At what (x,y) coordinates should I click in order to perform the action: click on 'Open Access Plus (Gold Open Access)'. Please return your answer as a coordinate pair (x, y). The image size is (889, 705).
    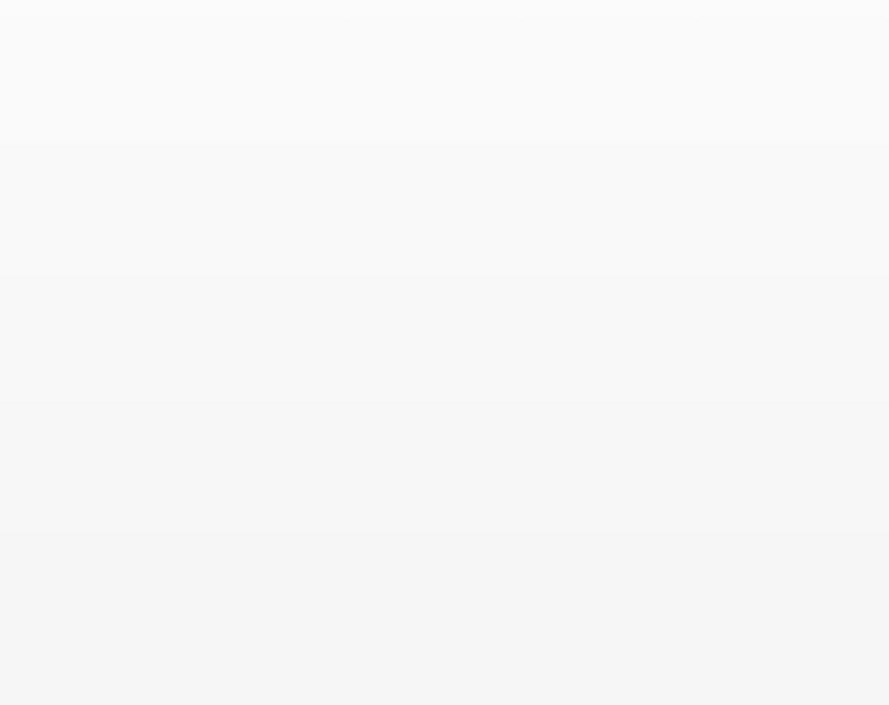
    Looking at the image, I should click on (627, 496).